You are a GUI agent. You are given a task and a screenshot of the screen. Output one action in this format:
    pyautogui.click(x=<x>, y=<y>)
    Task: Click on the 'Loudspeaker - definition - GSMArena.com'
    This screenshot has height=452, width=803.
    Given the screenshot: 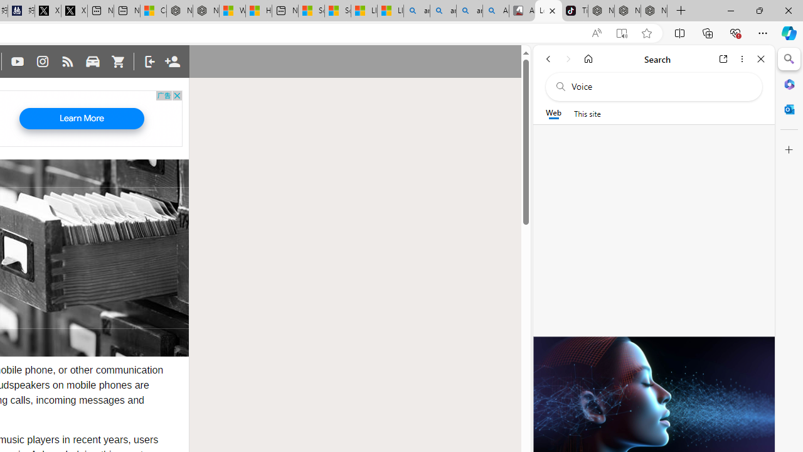 What is the action you would take?
    pyautogui.click(x=548, y=11)
    